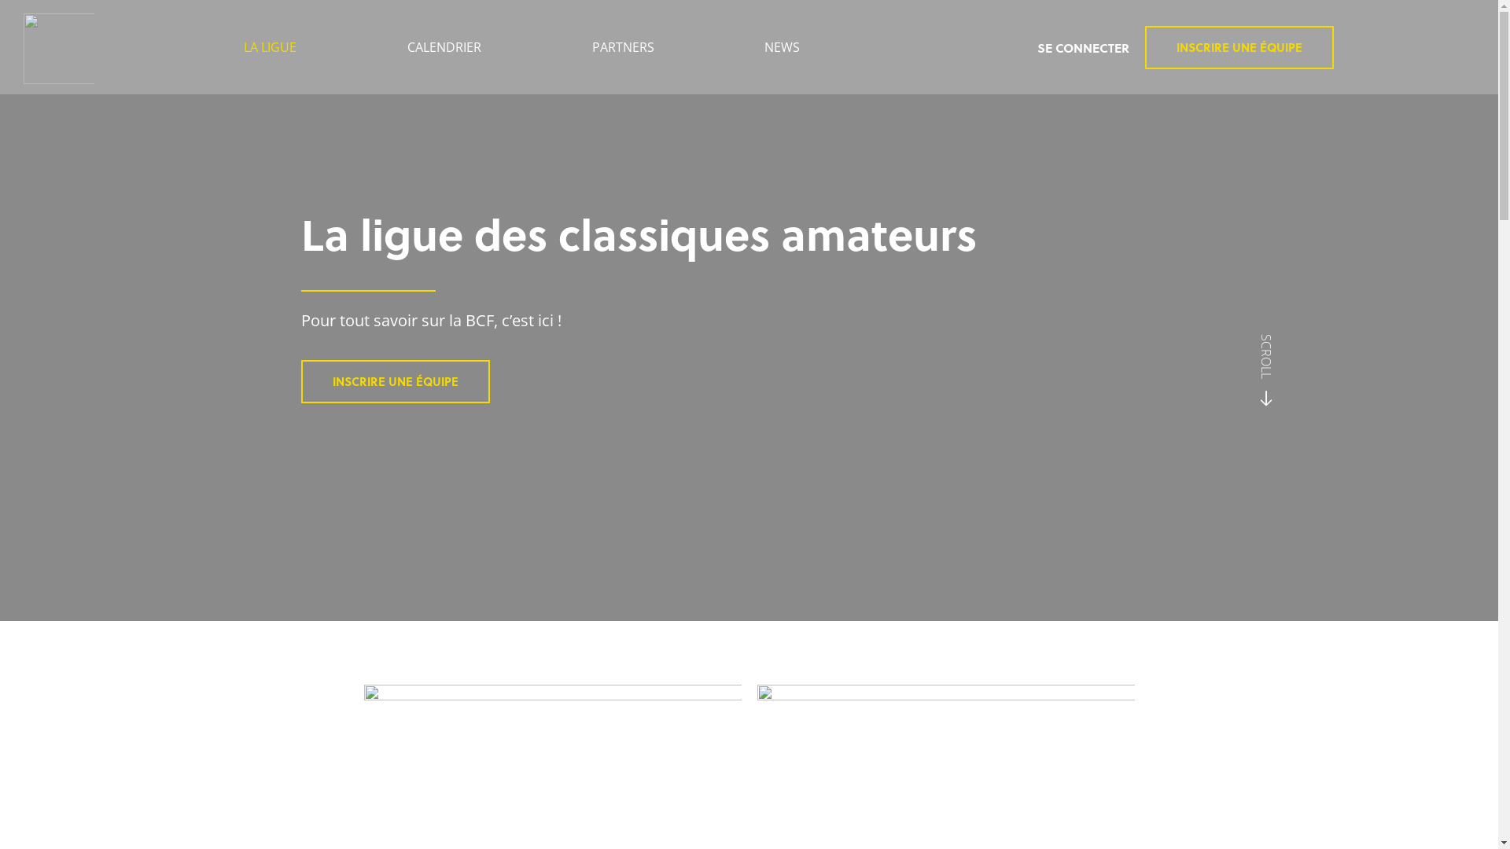  What do you see at coordinates (444, 46) in the screenshot?
I see `'CALENDRIER'` at bounding box center [444, 46].